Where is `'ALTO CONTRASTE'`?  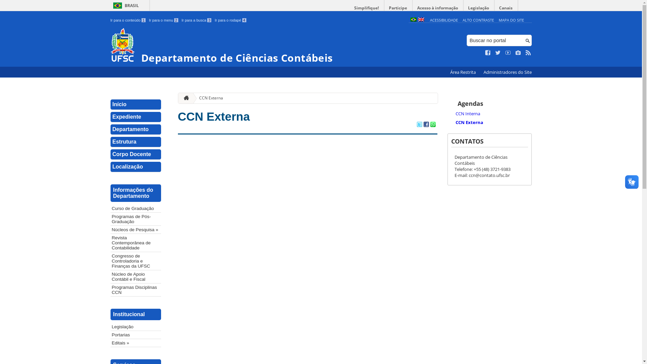
'ALTO CONTRASTE' is located at coordinates (478, 20).